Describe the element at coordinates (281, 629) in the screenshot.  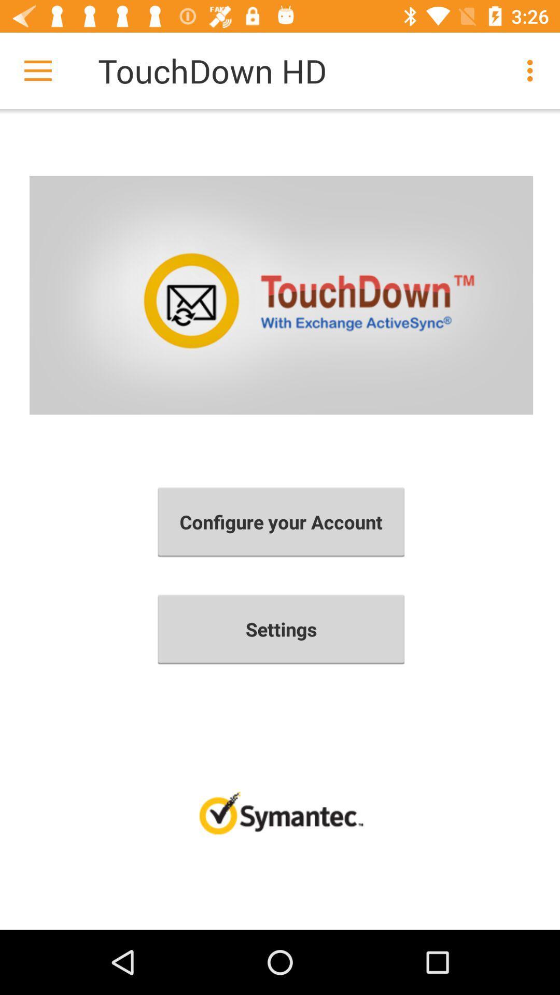
I see `settings item` at that location.